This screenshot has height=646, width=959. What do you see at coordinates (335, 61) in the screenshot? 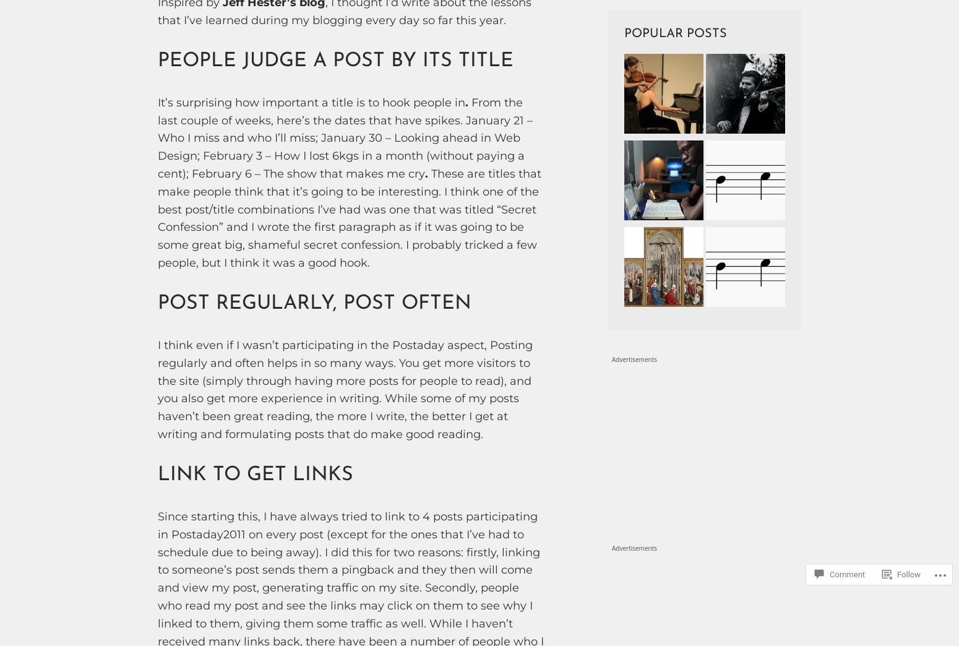
I see `'People judge a post by its title'` at bounding box center [335, 61].